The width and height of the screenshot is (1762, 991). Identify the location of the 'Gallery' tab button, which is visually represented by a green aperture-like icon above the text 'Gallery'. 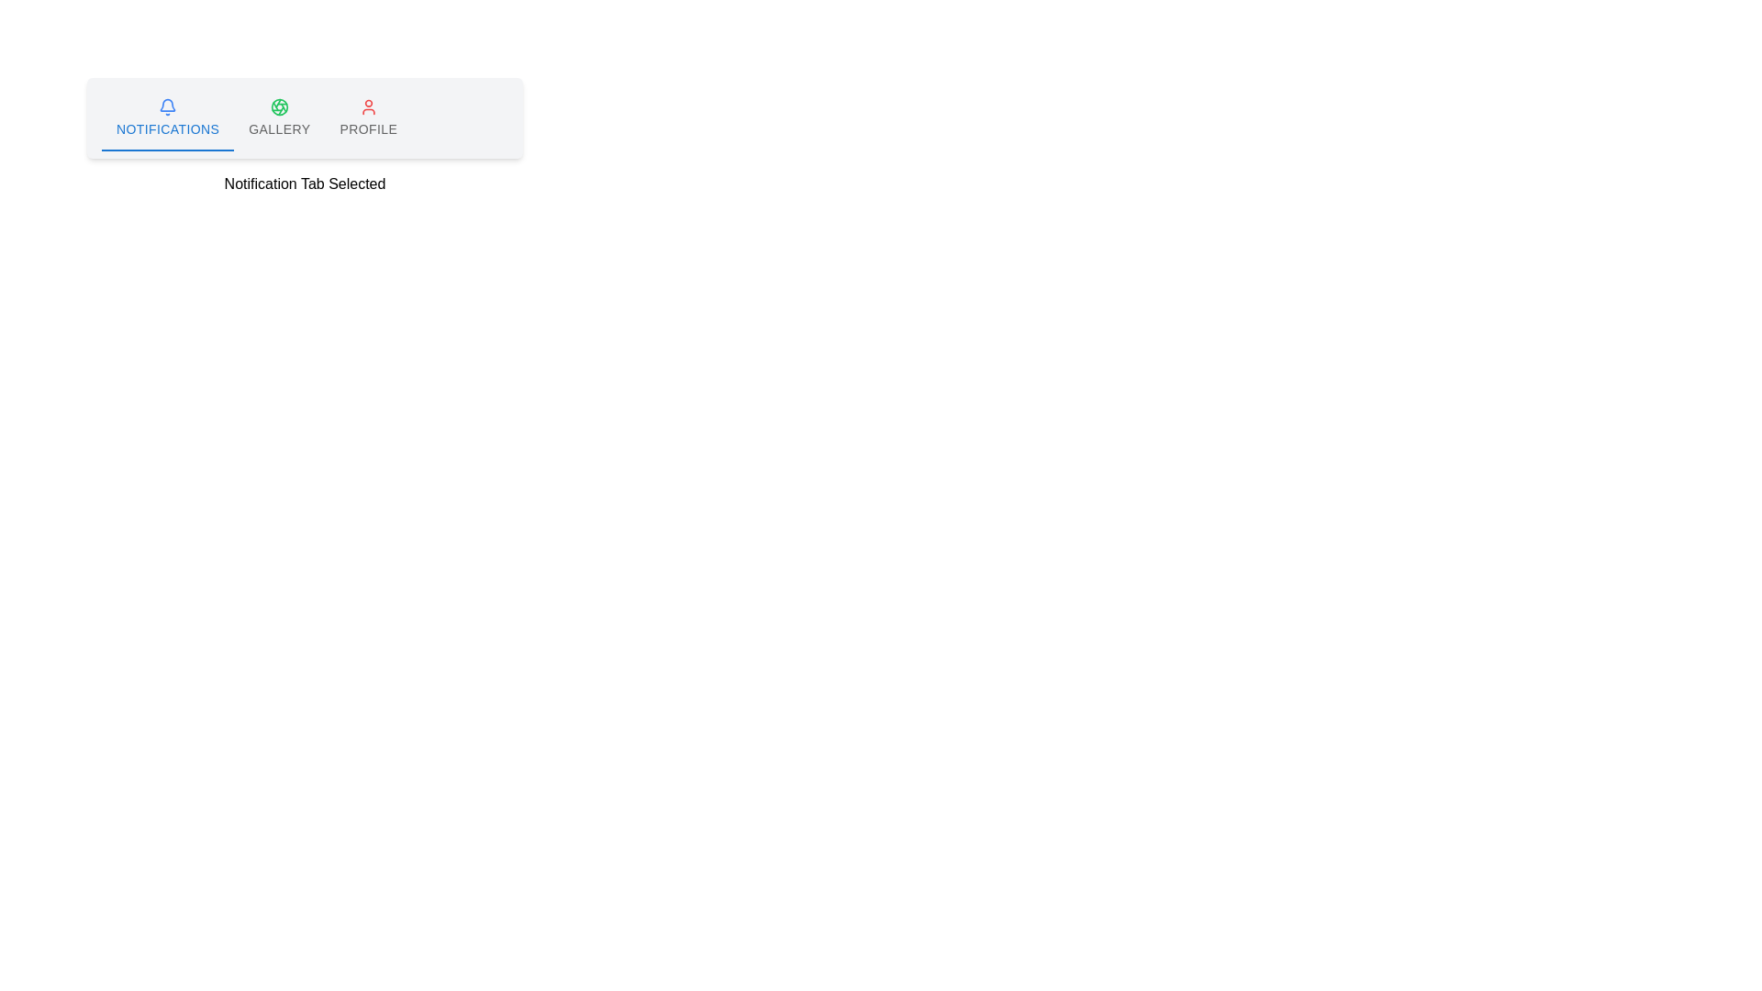
(278, 117).